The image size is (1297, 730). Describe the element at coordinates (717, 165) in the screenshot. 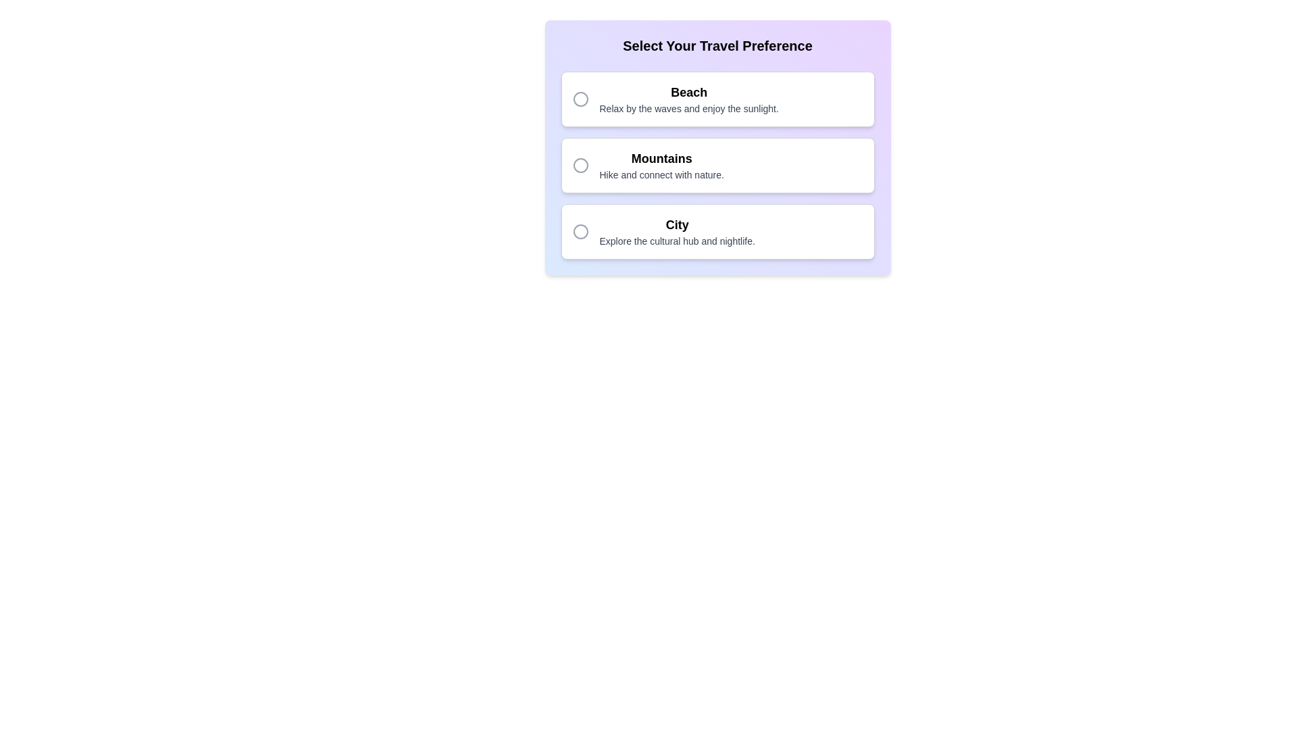

I see `the 'Mountains' Radio selection card, which is the second card in the vertical list of travel preferences, to focus on it` at that location.